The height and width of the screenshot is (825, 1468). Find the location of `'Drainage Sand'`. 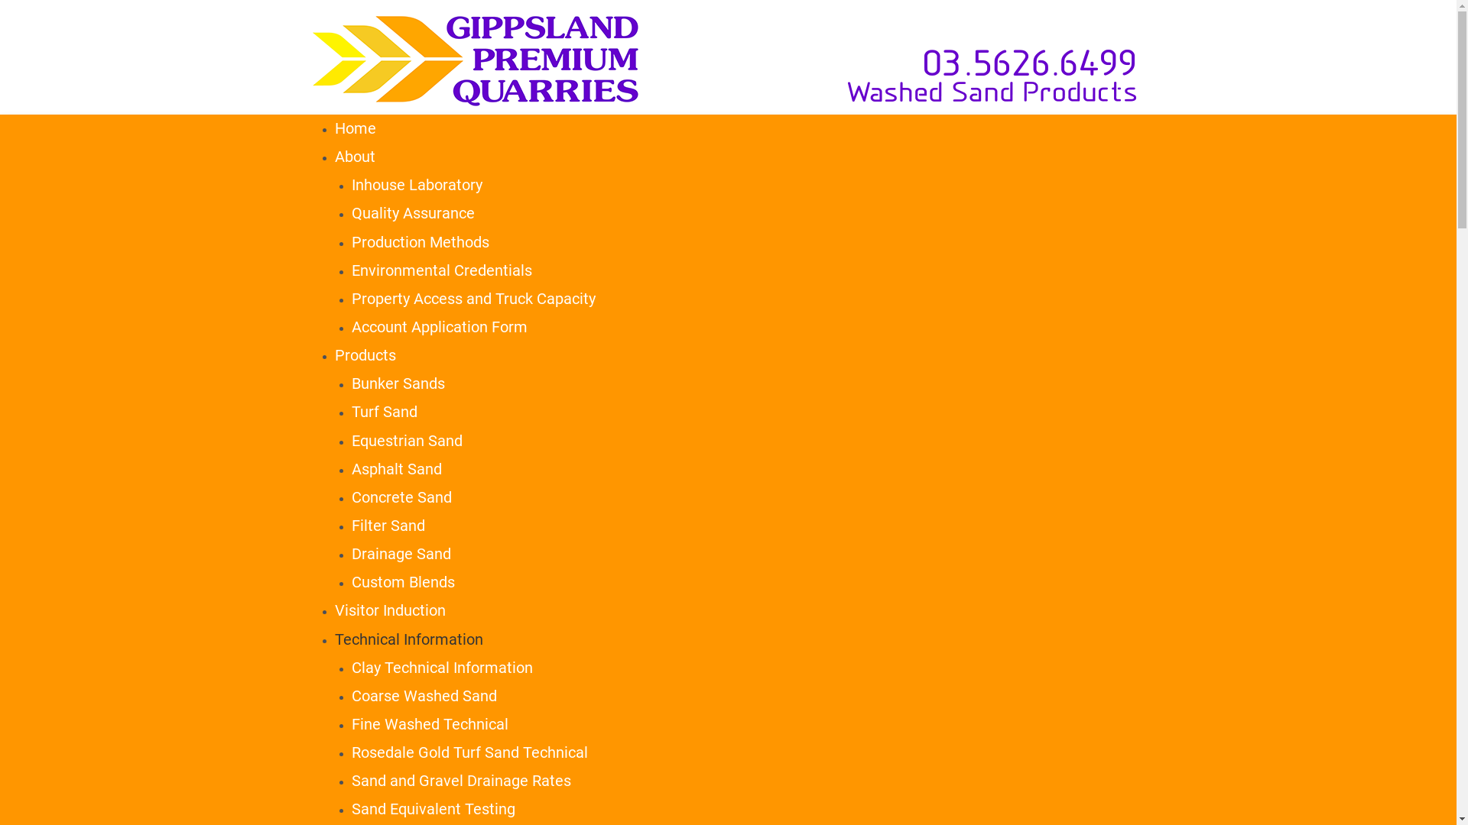

'Drainage Sand' is located at coordinates (401, 554).